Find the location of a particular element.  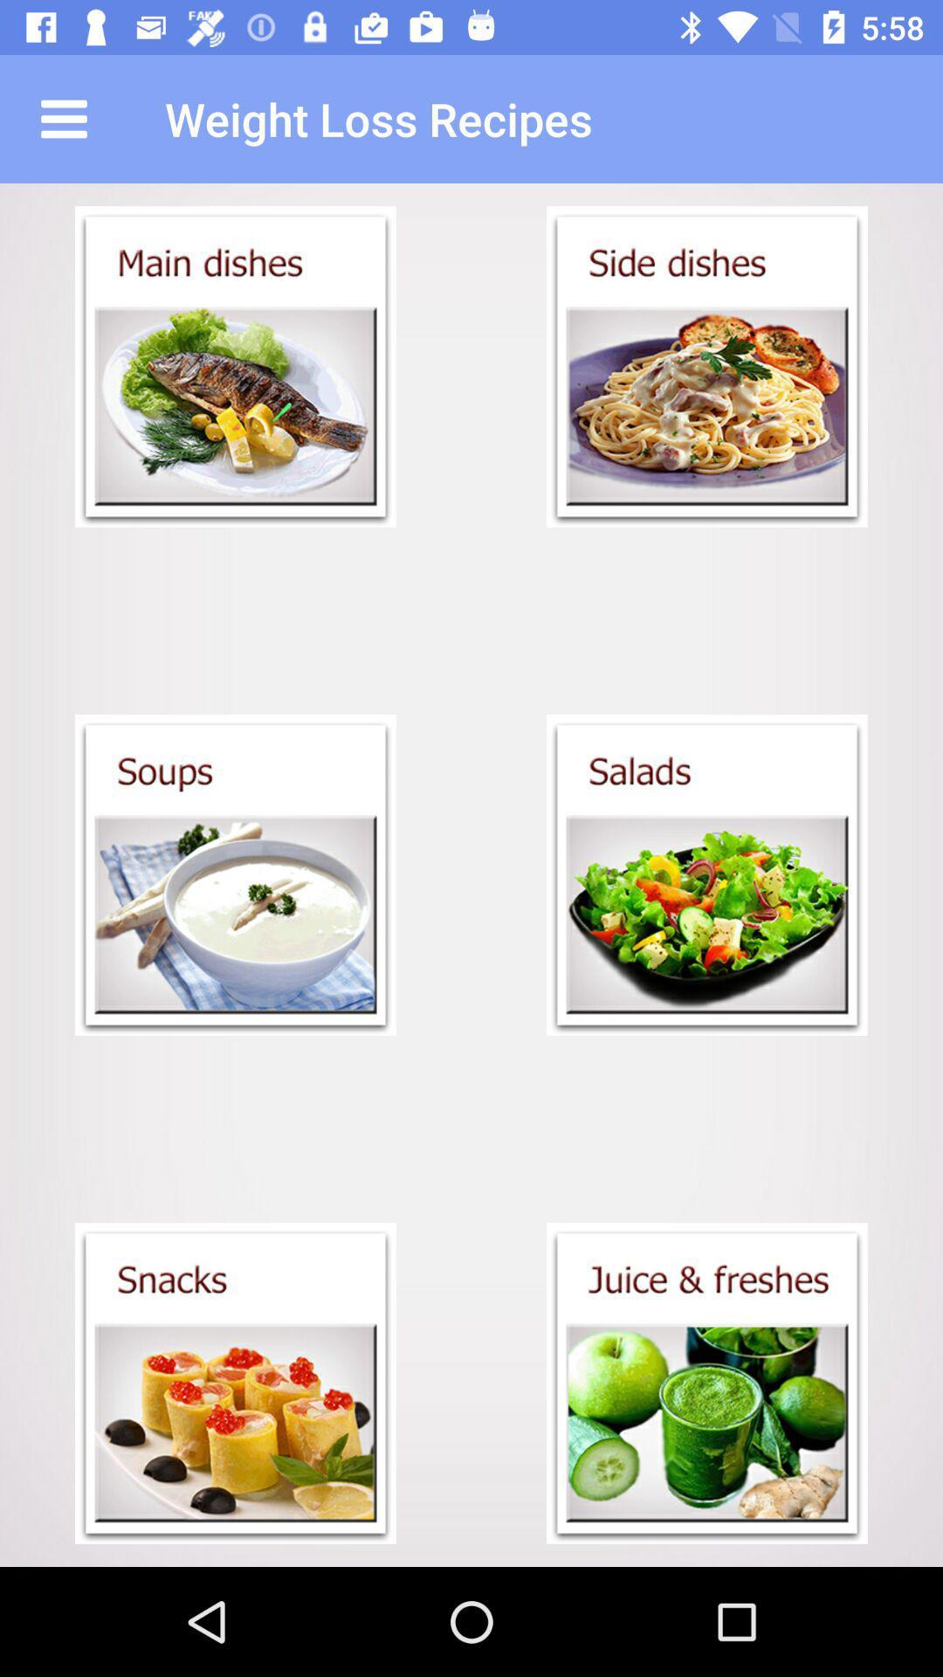

the icon next to weight loss recipes app is located at coordinates (63, 118).